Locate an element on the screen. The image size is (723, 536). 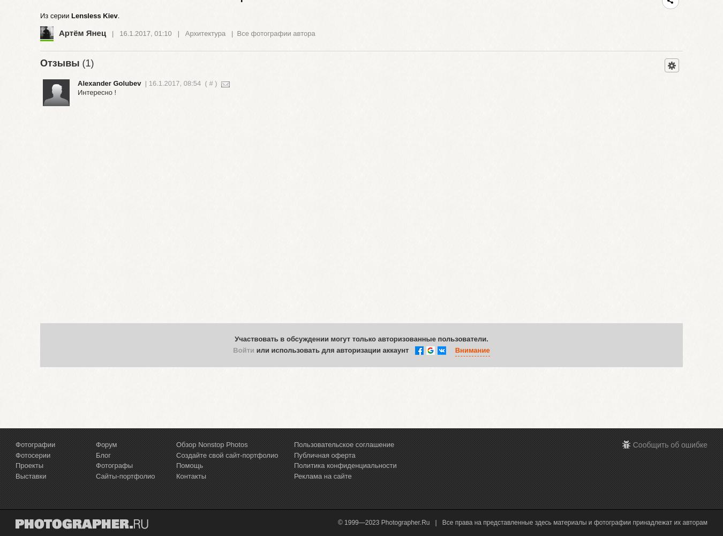
'#' is located at coordinates (210, 83).